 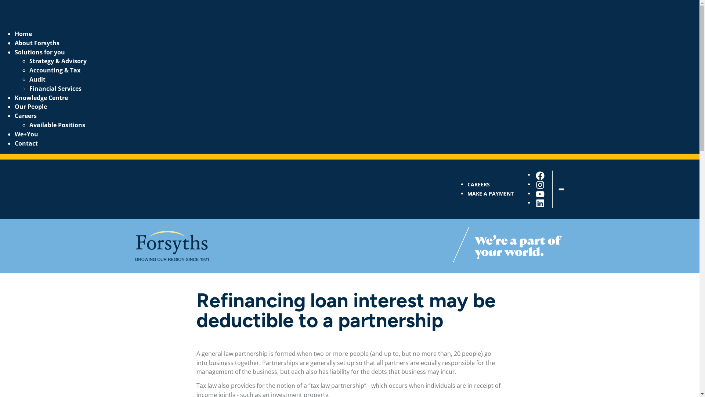 What do you see at coordinates (30, 106) in the screenshot?
I see `'Our People'` at bounding box center [30, 106].